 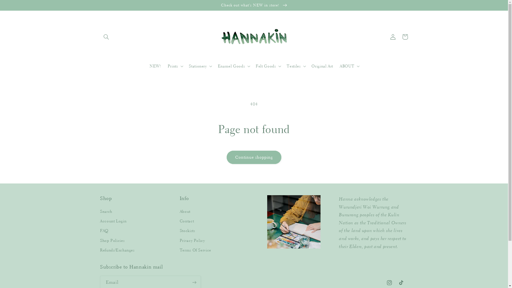 I want to click on 'Terms Of Service', so click(x=179, y=250).